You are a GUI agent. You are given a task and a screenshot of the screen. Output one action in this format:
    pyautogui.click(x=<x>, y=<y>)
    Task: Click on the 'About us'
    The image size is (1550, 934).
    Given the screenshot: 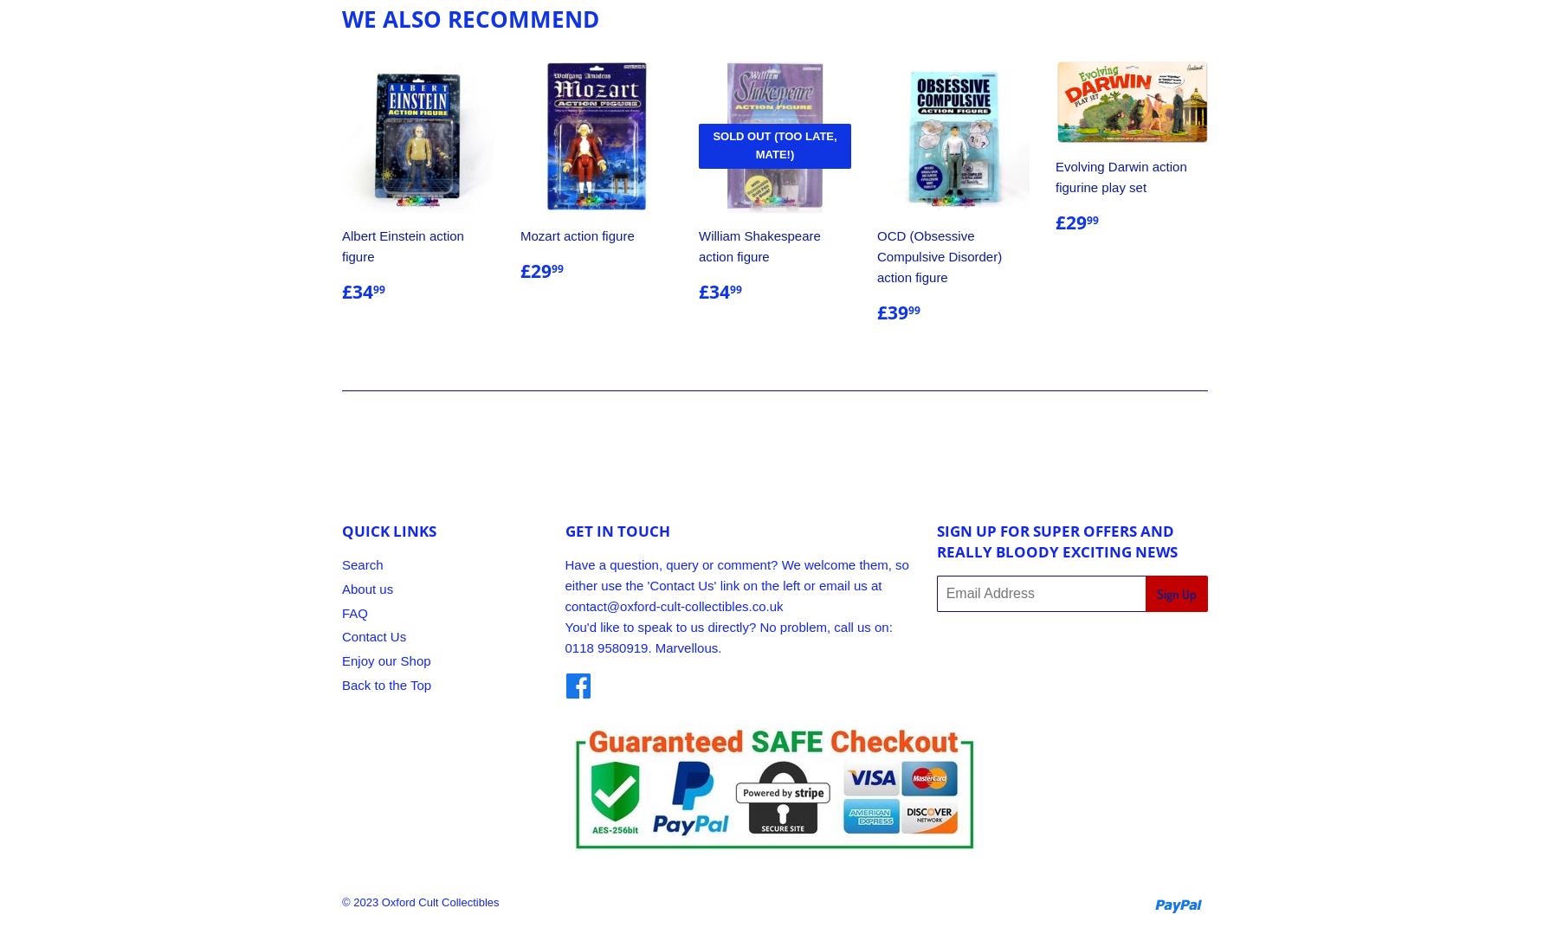 What is the action you would take?
    pyautogui.click(x=367, y=588)
    